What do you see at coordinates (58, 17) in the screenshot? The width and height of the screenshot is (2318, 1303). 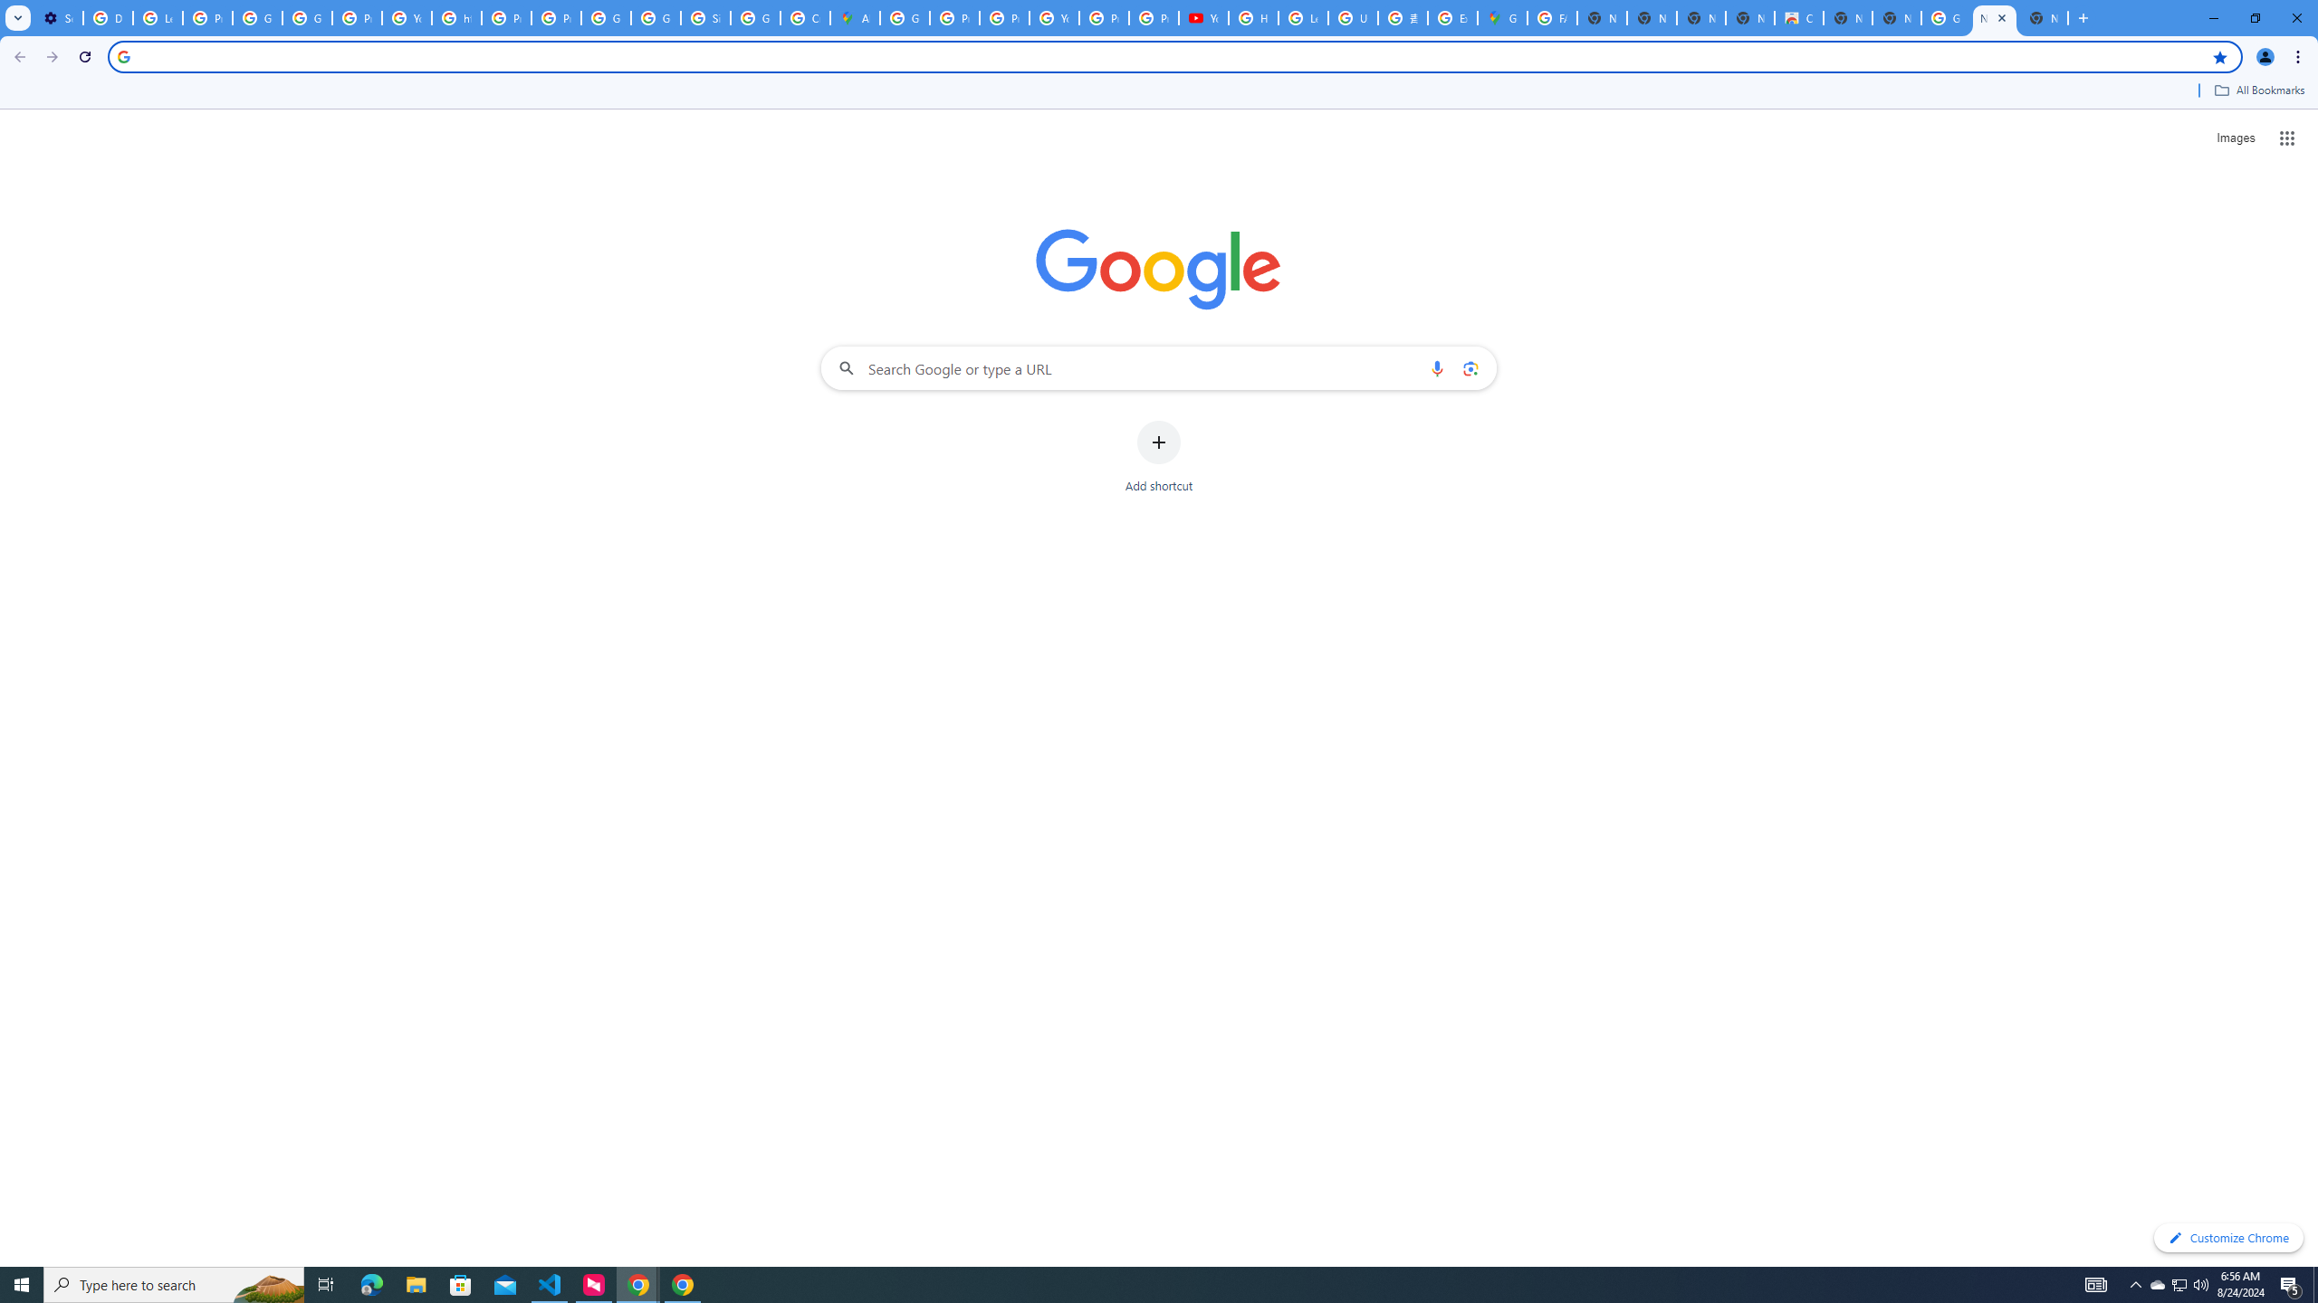 I see `'Settings - On startup'` at bounding box center [58, 17].